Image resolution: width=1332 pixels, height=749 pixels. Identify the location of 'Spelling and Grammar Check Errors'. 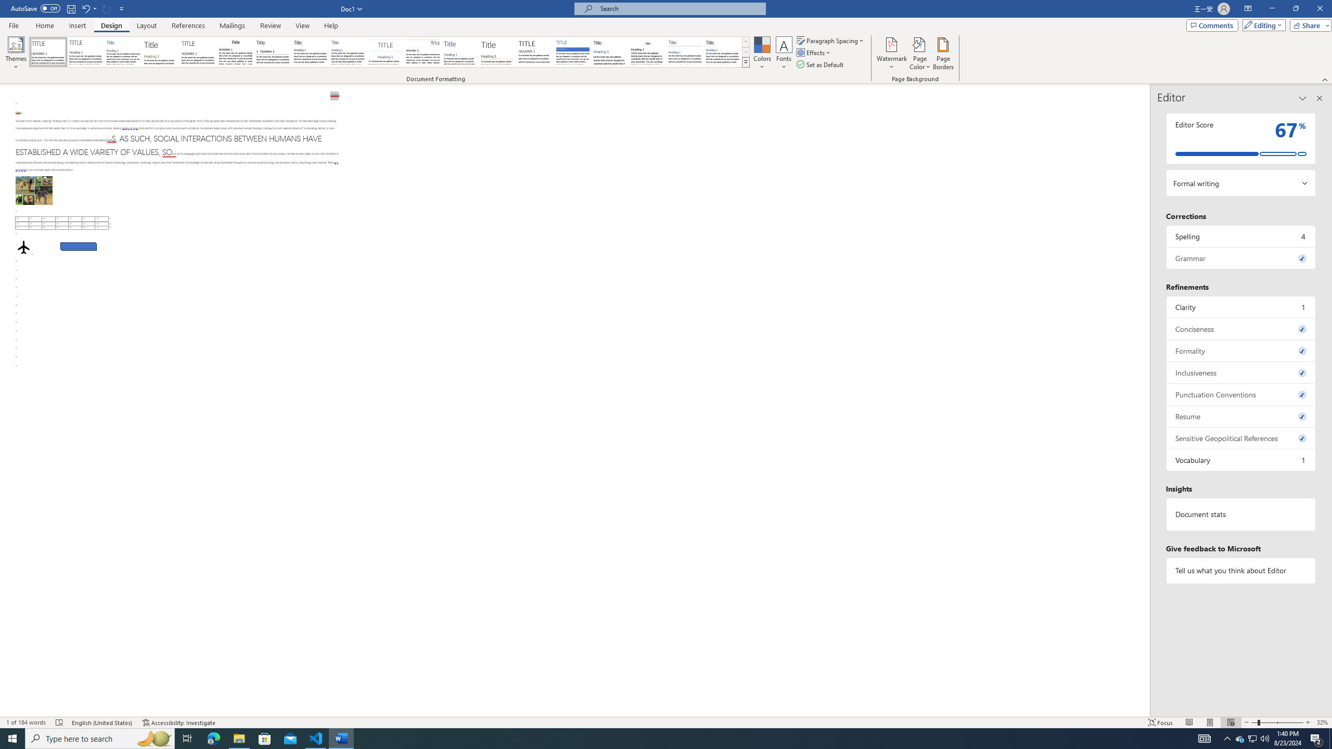
(59, 722).